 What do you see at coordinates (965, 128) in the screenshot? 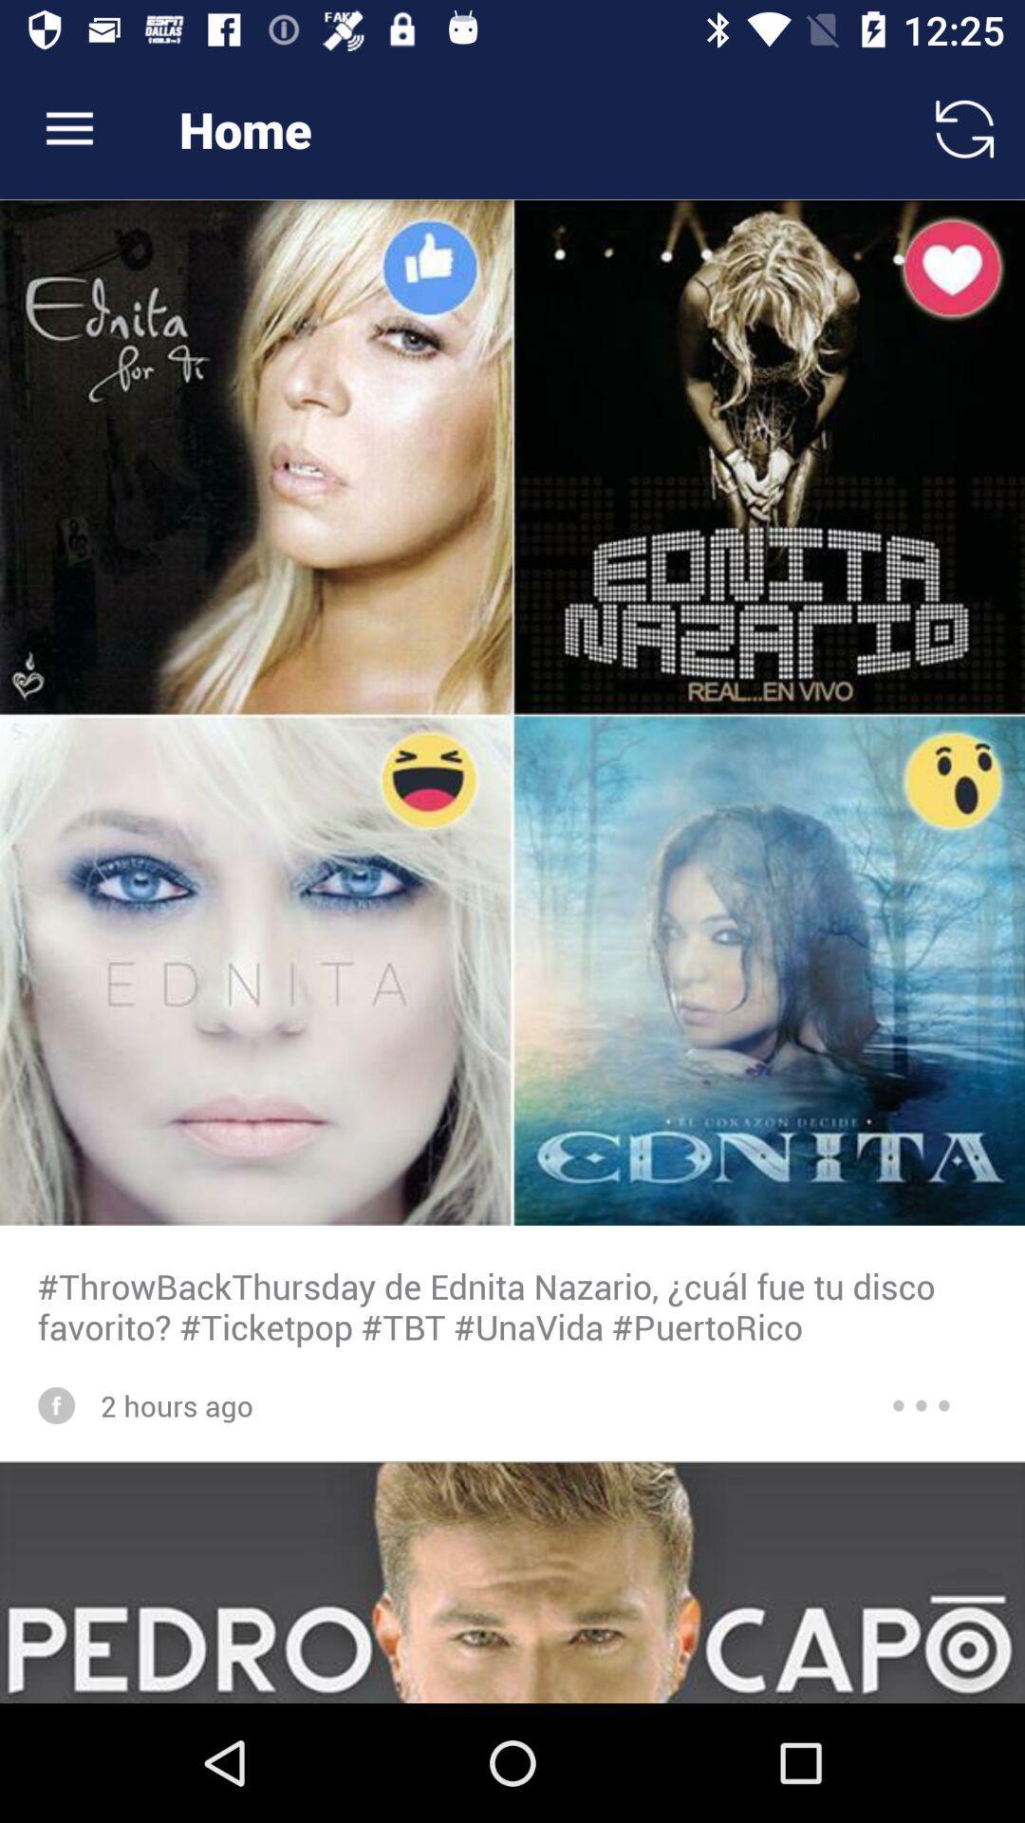
I see `item at the top right corner` at bounding box center [965, 128].